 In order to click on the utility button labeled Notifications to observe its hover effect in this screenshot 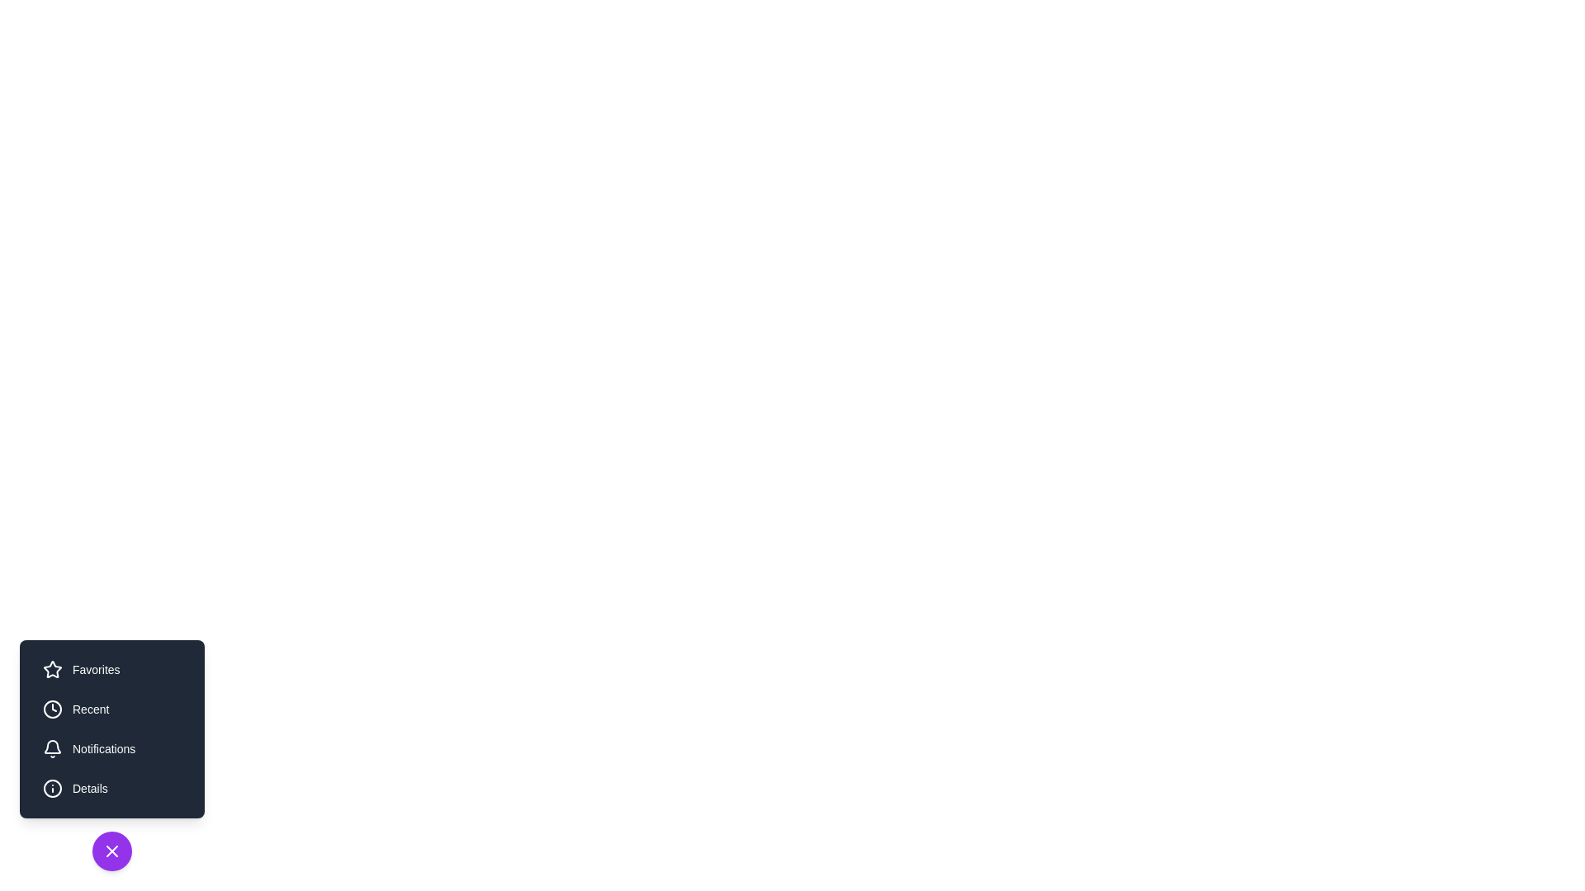, I will do `click(111, 748)`.